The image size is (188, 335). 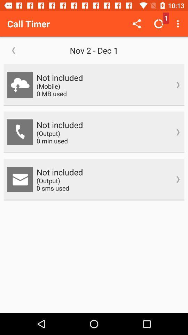 What do you see at coordinates (14, 50) in the screenshot?
I see `the icon to the left of nov 2 dec item` at bounding box center [14, 50].